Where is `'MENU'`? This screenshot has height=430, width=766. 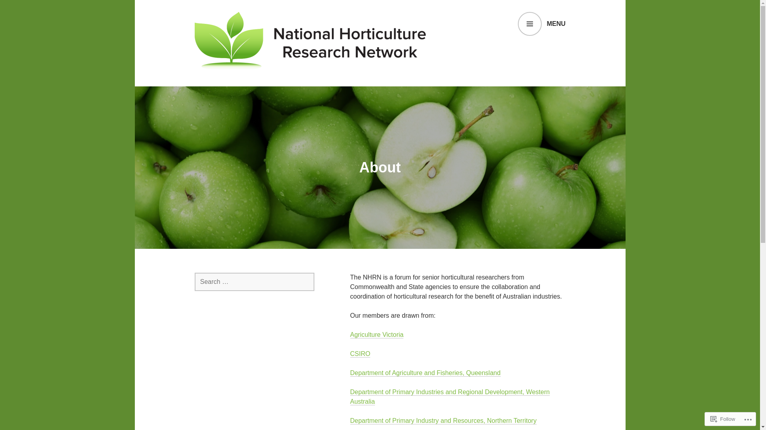 'MENU' is located at coordinates (541, 23).